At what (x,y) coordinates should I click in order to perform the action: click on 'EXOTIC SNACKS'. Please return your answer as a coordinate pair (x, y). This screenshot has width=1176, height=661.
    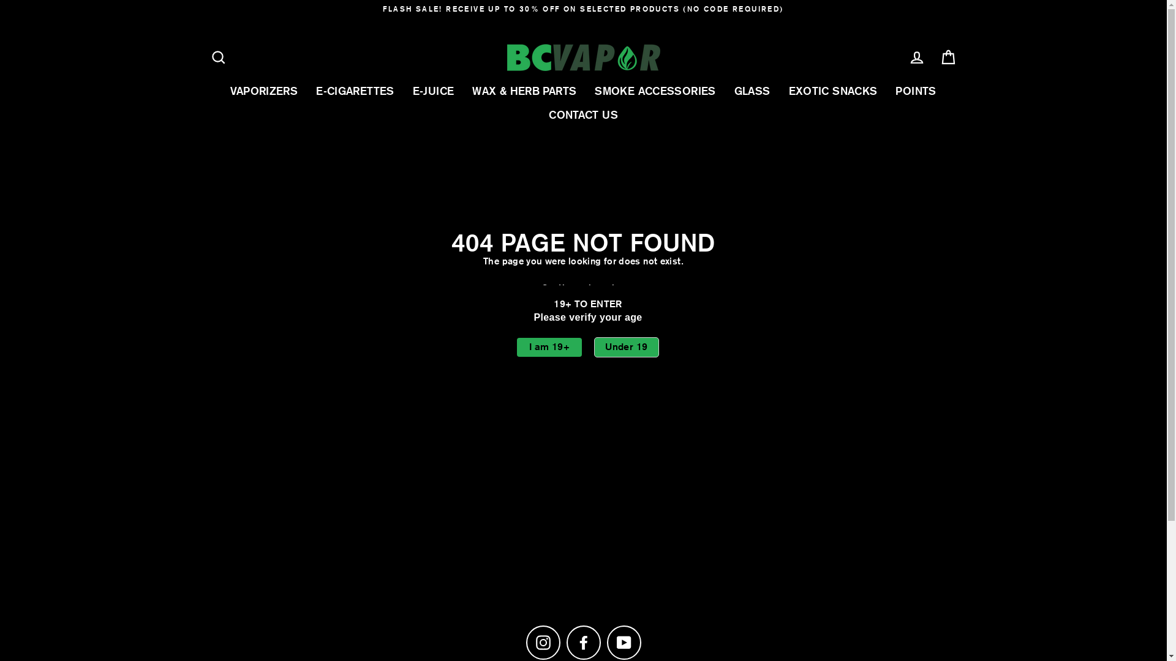
    Looking at the image, I should click on (778, 90).